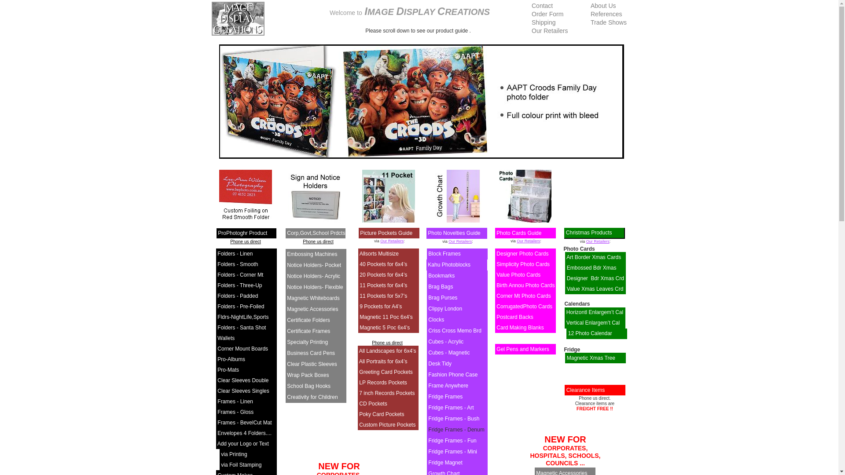 Image resolution: width=845 pixels, height=475 pixels. I want to click on 'Certificate Folders', so click(308, 320).